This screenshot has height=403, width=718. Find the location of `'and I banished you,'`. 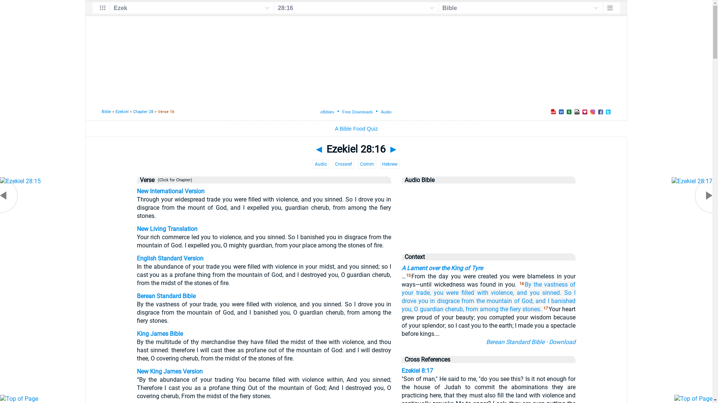

'and I banished you,' is located at coordinates (401, 305).